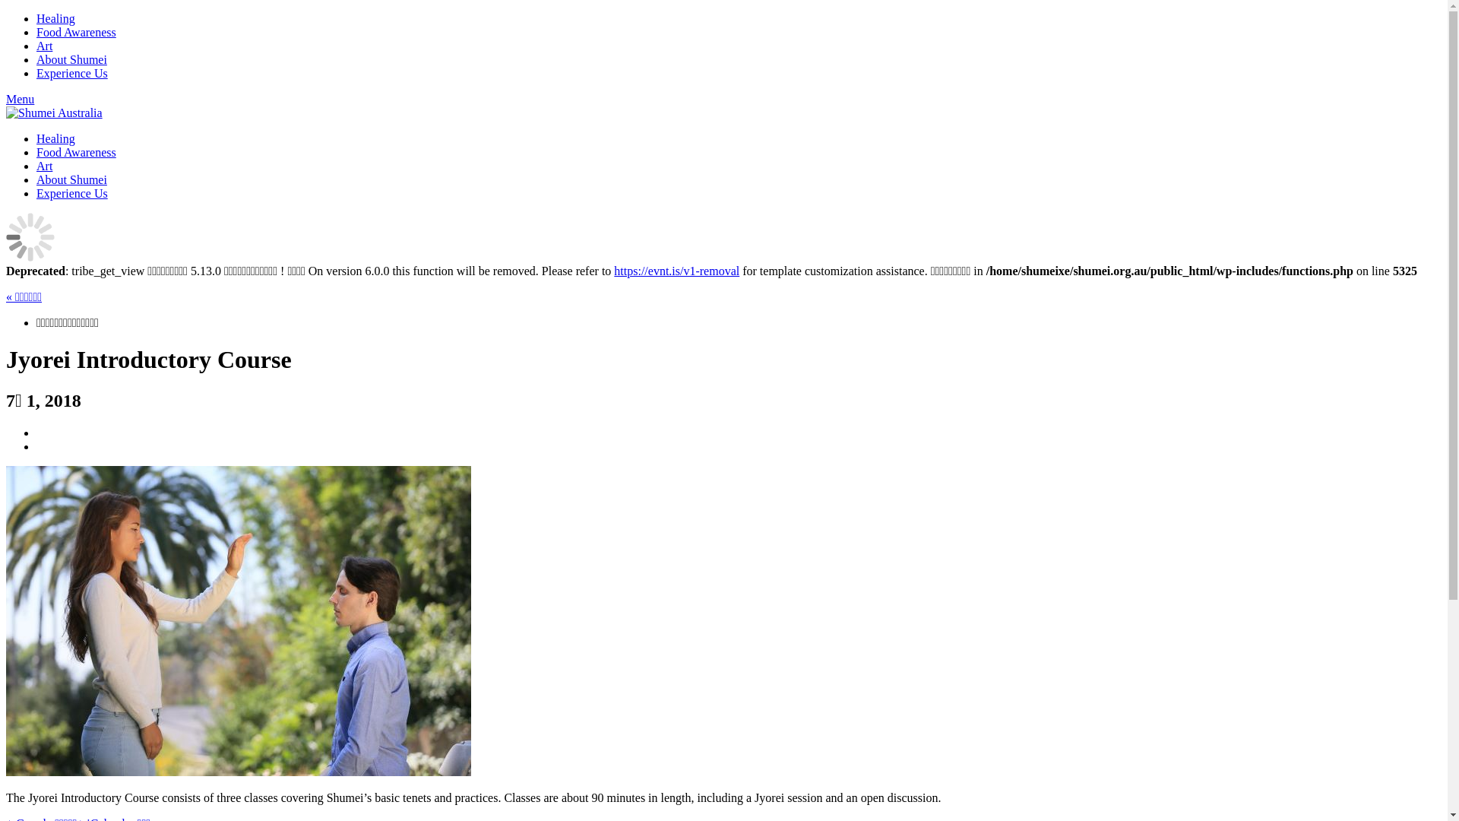 This screenshot has width=1459, height=821. What do you see at coordinates (676, 270) in the screenshot?
I see `'https://evnt.is/v1-removal'` at bounding box center [676, 270].